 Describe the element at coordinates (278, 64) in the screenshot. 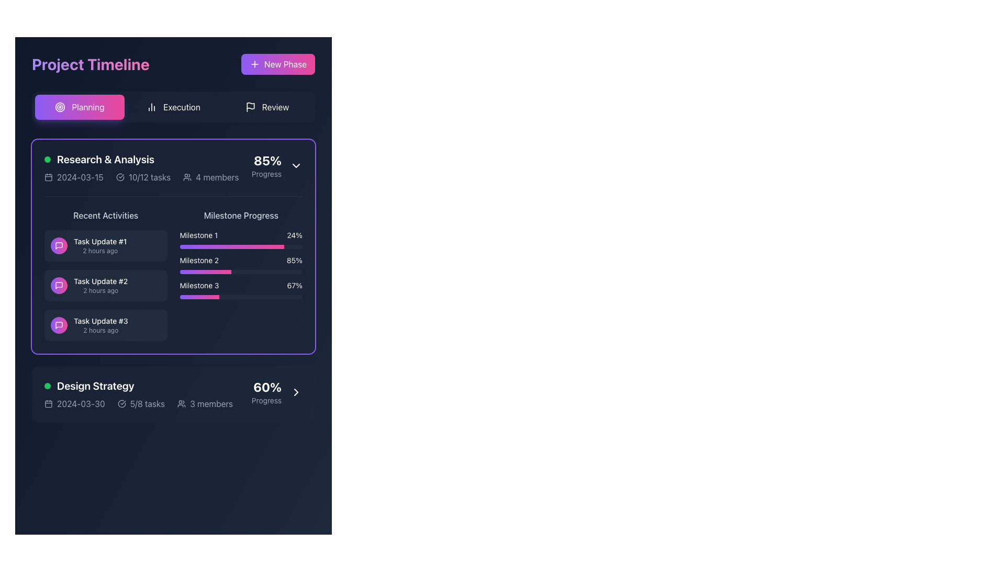

I see `the button located at the top-right corner of the layout, adjacent to the right side of the 'Project Timeline' title, to initiate a 'New Phase' creation` at that location.